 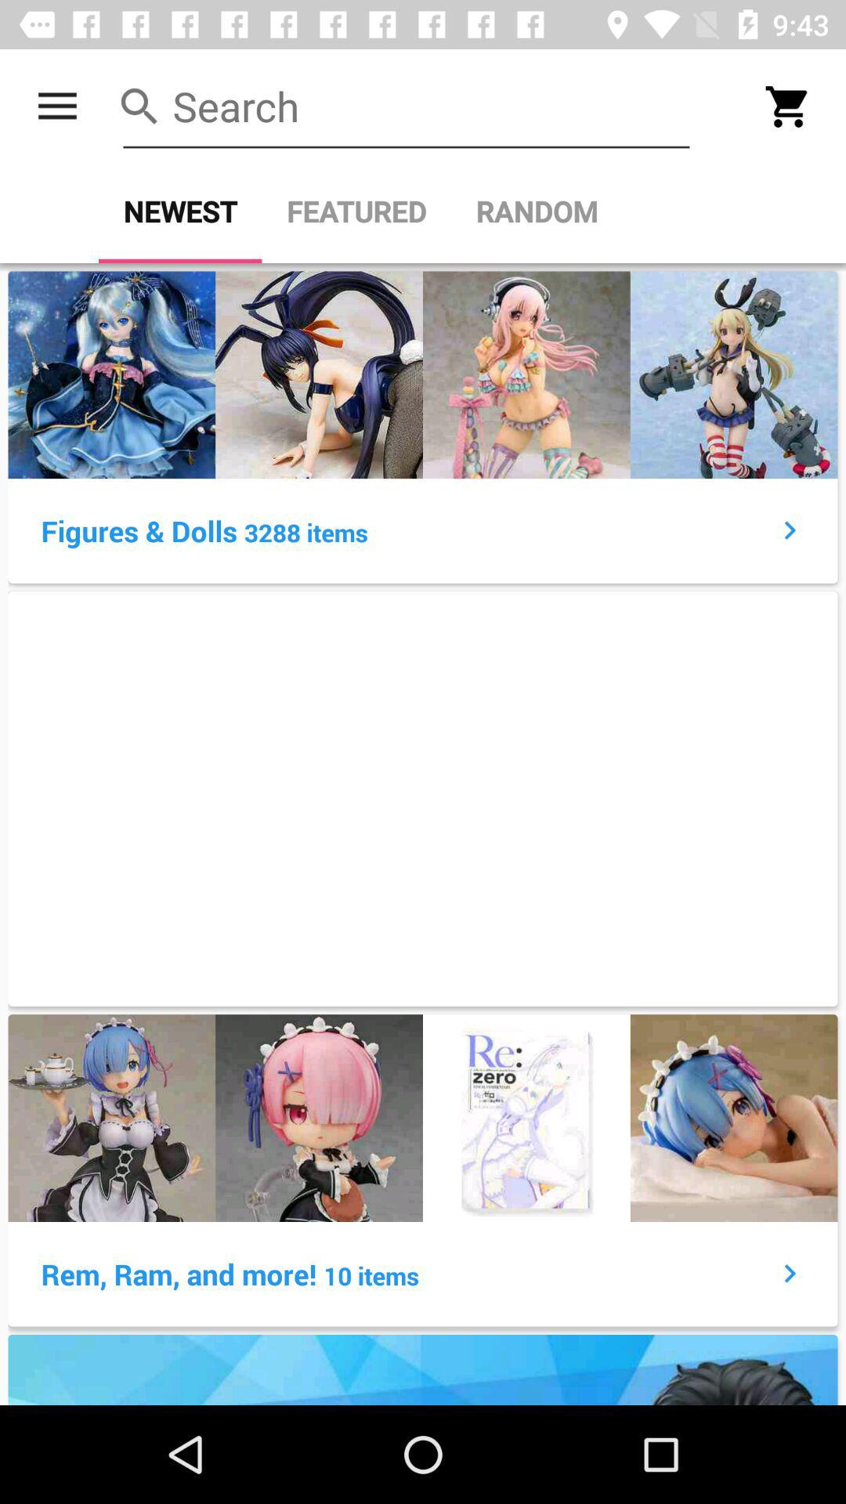 What do you see at coordinates (179, 211) in the screenshot?
I see `newest` at bounding box center [179, 211].